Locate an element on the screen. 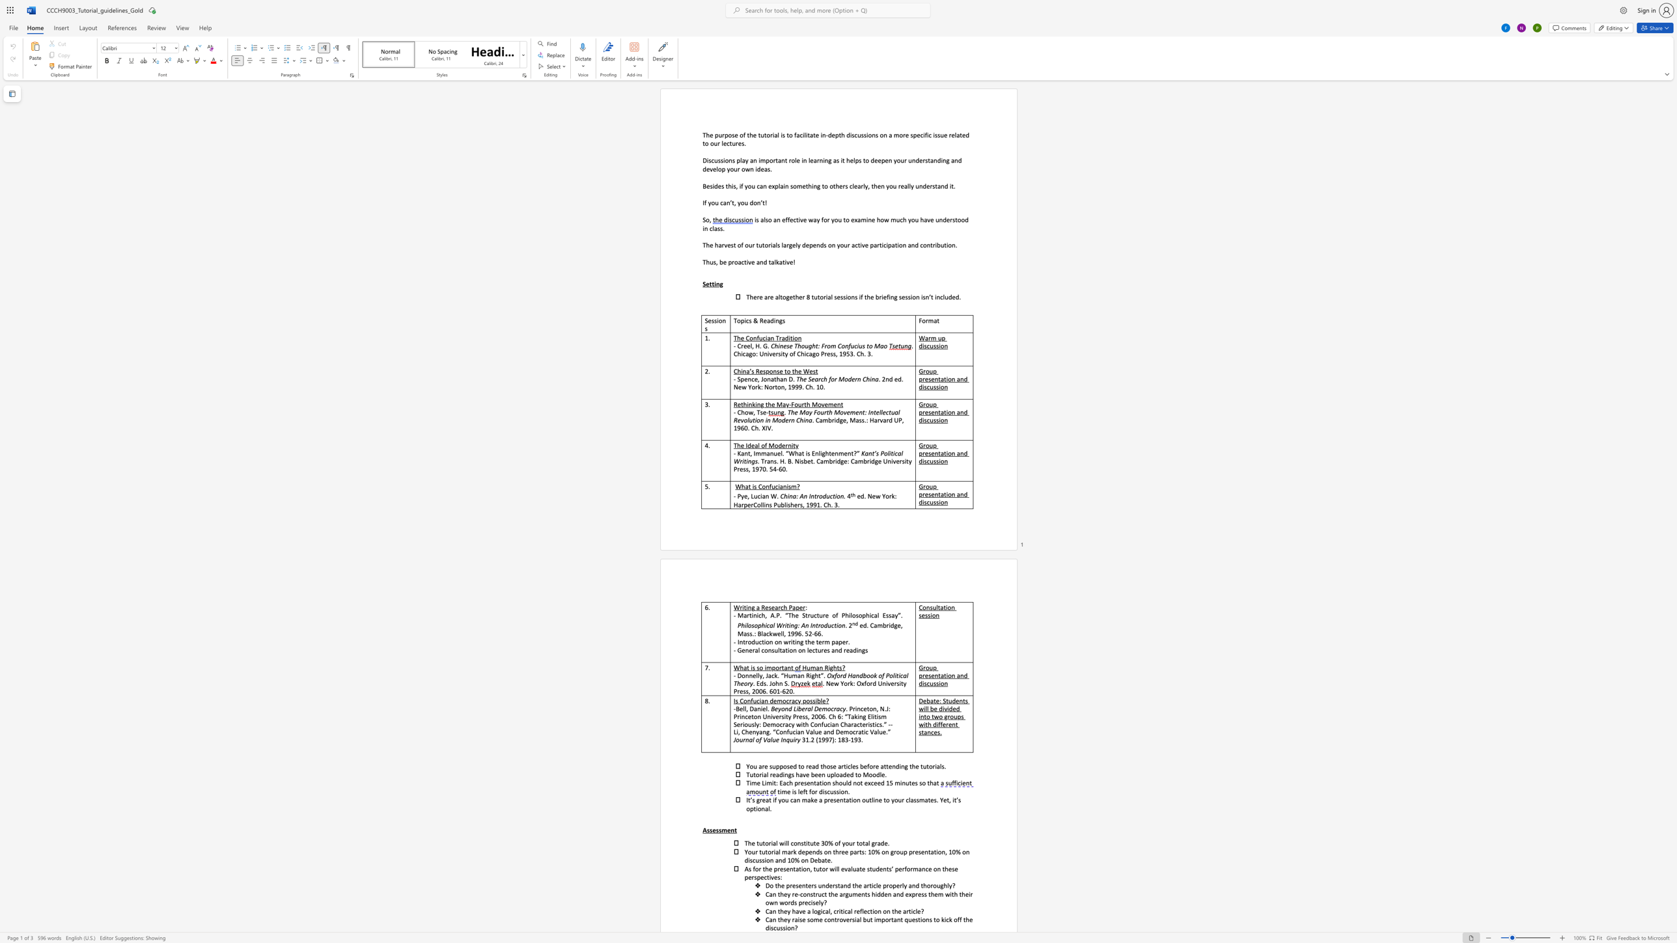  the 4th character "t" in the text is located at coordinates (818, 296).